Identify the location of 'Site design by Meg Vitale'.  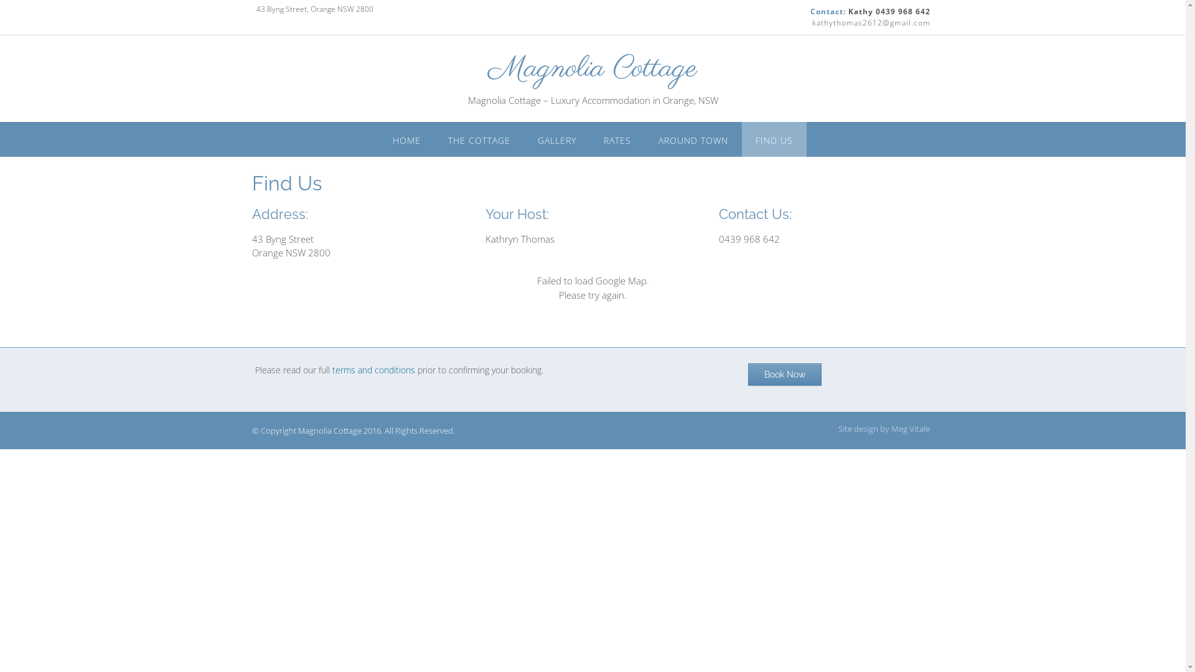
(883, 428).